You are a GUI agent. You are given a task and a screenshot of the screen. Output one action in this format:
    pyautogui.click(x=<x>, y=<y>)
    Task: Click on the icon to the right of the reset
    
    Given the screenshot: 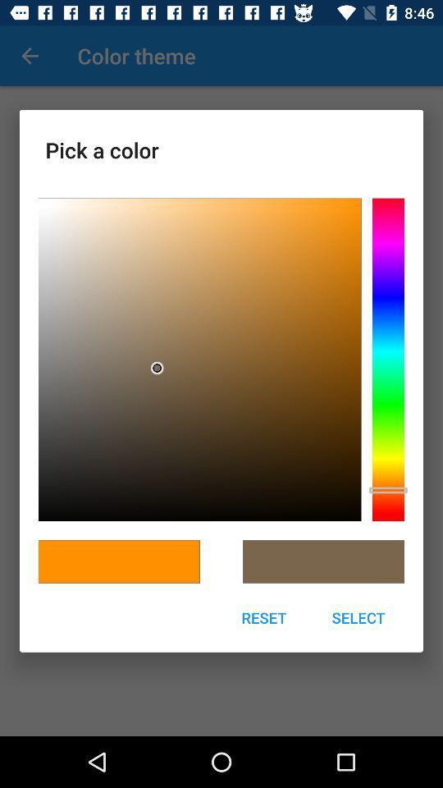 What is the action you would take?
    pyautogui.click(x=358, y=616)
    